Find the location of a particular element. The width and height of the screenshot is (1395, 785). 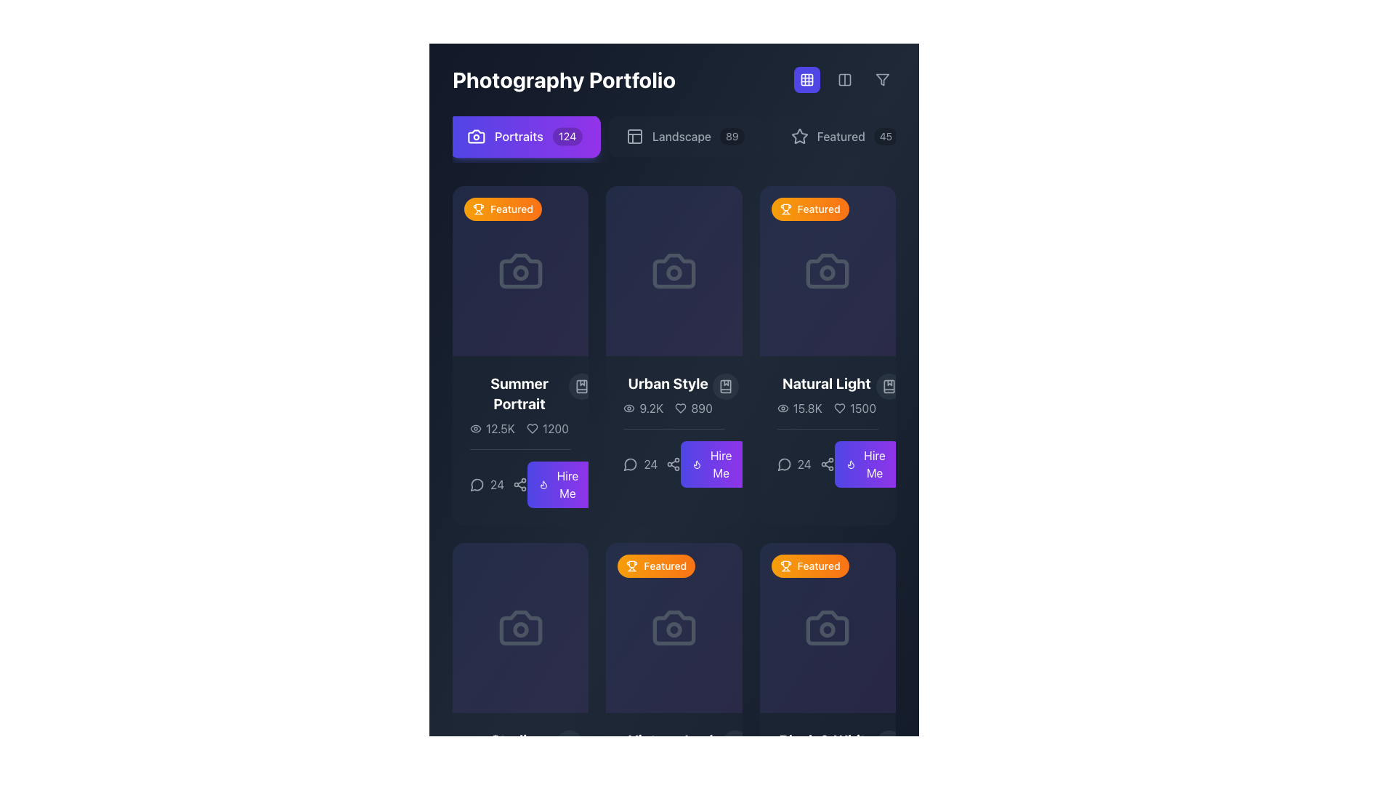

the camera icon outlined in a square card background located in the second column of the bottom row of the grid layout is located at coordinates (673, 627).